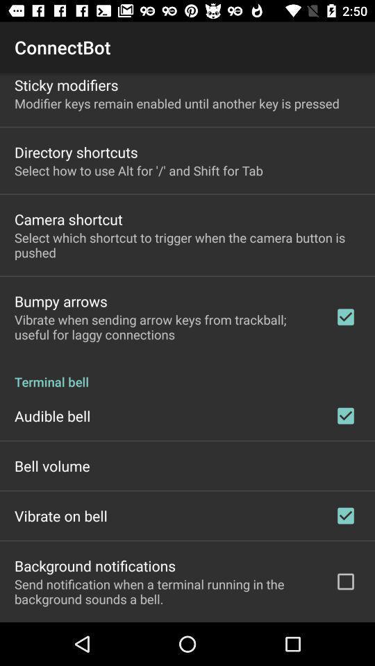 The image size is (375, 666). What do you see at coordinates (165, 590) in the screenshot?
I see `icon below background notifications icon` at bounding box center [165, 590].